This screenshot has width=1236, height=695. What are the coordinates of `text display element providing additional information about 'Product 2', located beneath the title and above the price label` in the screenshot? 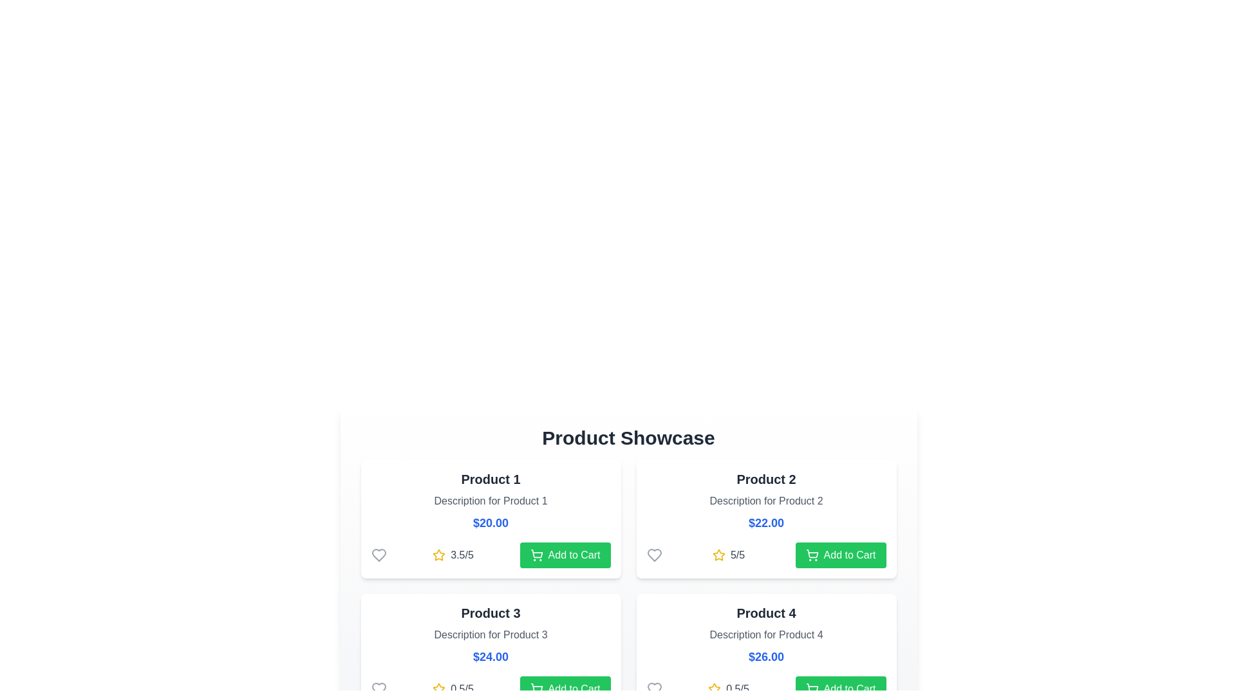 It's located at (766, 501).